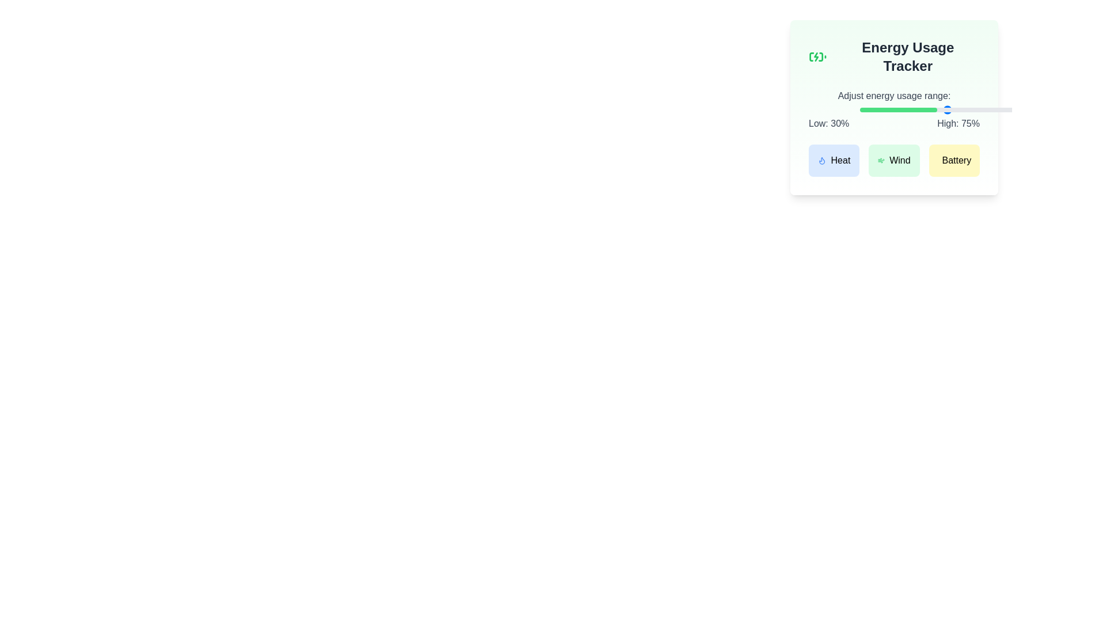 Image resolution: width=1106 pixels, height=622 pixels. What do you see at coordinates (1021, 110) in the screenshot?
I see `the energy usage range` at bounding box center [1021, 110].